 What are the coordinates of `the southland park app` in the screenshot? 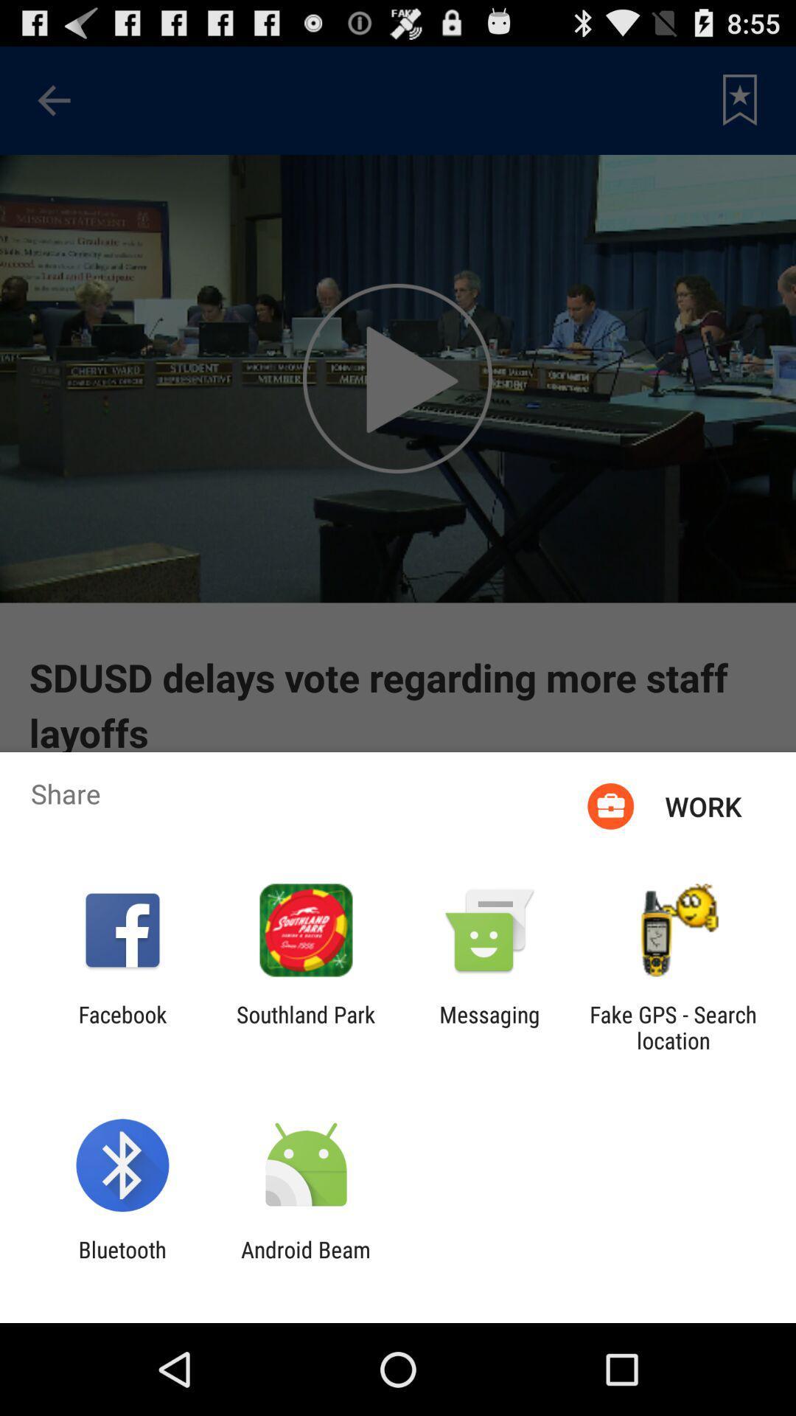 It's located at (305, 1027).